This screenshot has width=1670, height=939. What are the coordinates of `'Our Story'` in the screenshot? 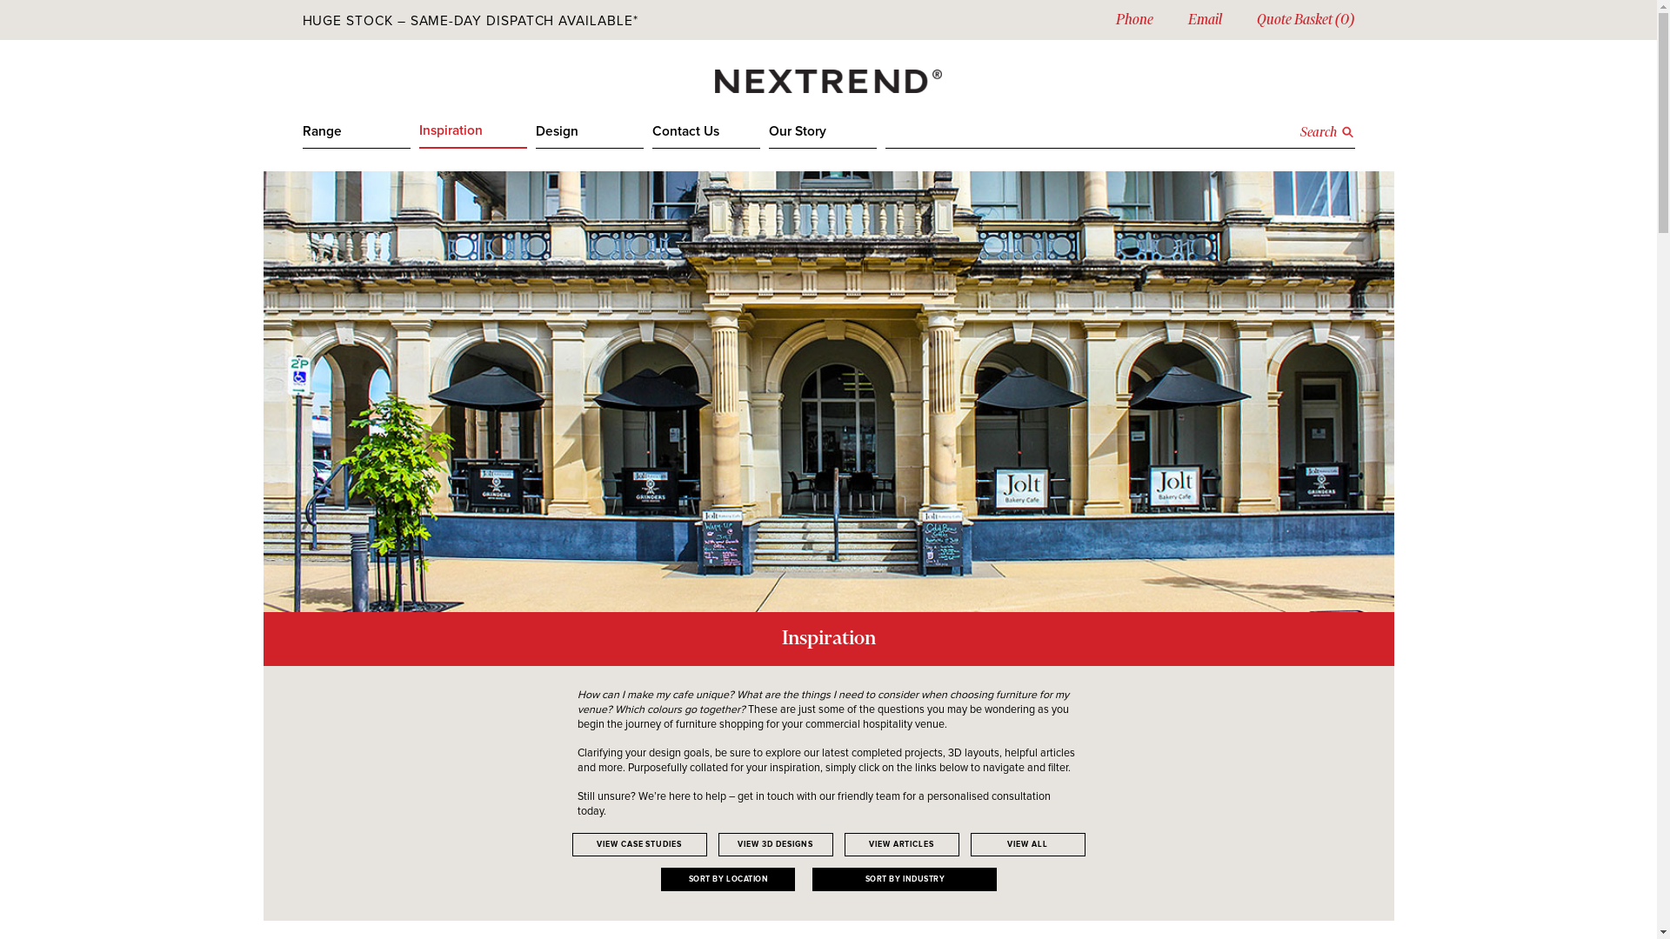 It's located at (821, 136).